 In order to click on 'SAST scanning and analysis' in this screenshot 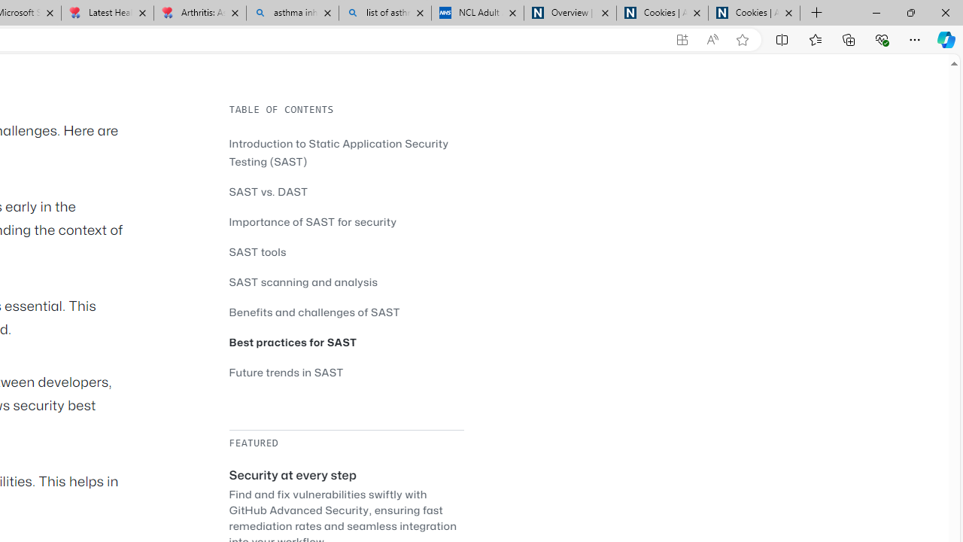, I will do `click(302, 282)`.